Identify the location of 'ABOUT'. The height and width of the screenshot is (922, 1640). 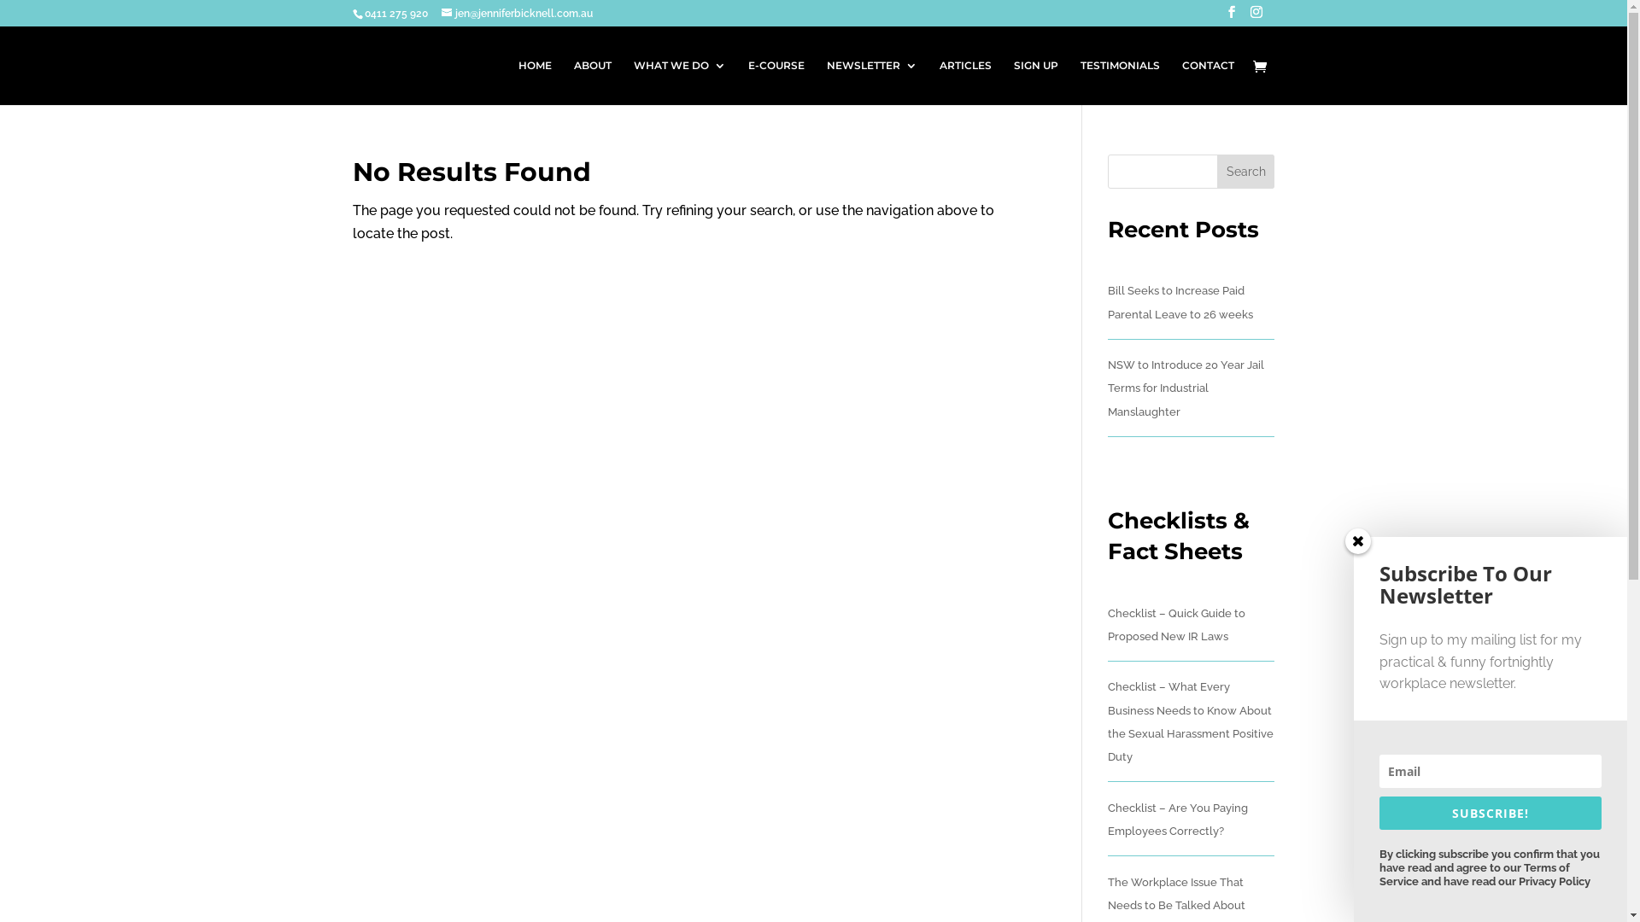
(574, 82).